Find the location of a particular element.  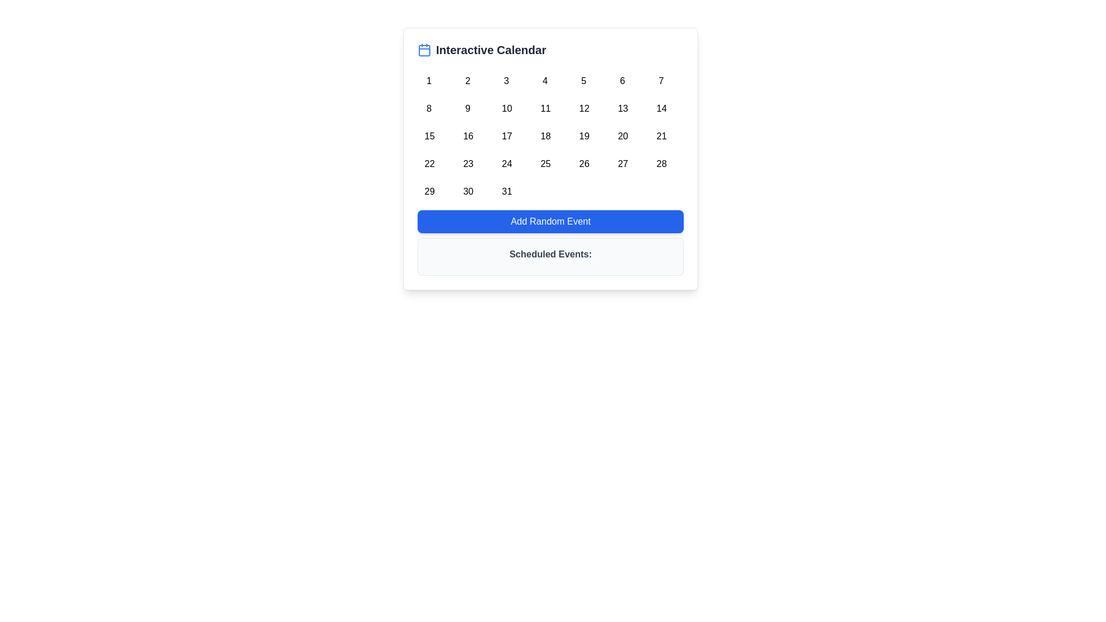

the square-shaped button labeled '12' in the interactive calendar interface is located at coordinates (584, 107).